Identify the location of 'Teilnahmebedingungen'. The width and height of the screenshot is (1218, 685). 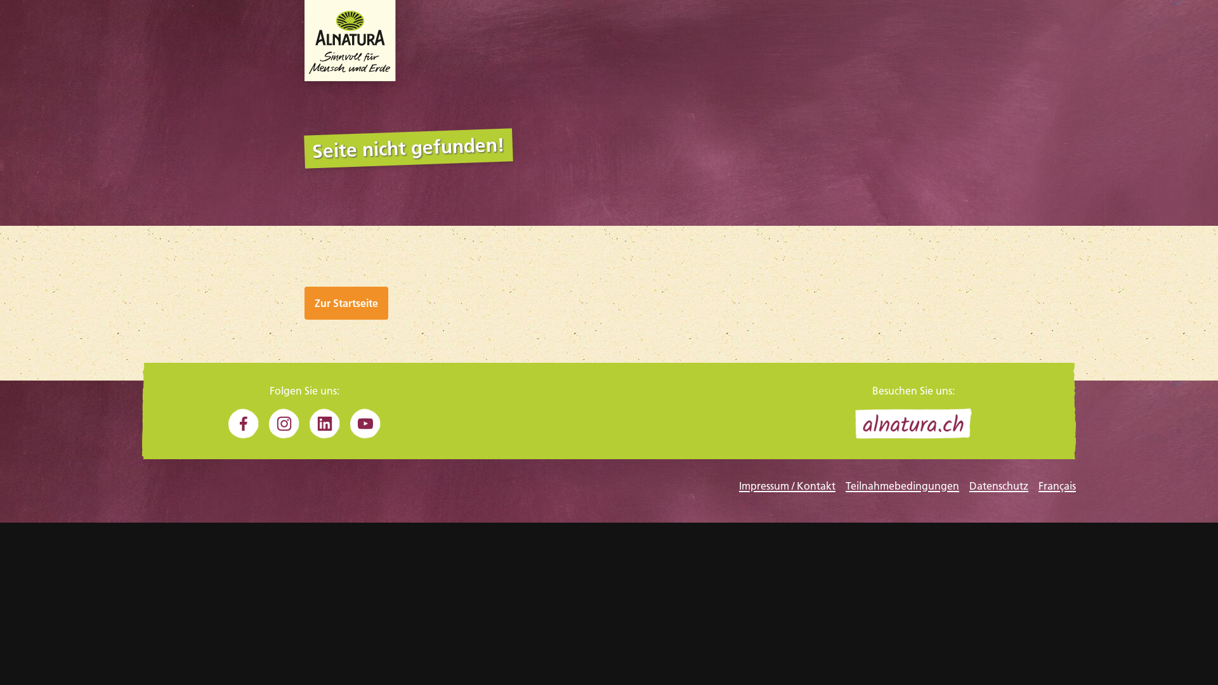
(901, 485).